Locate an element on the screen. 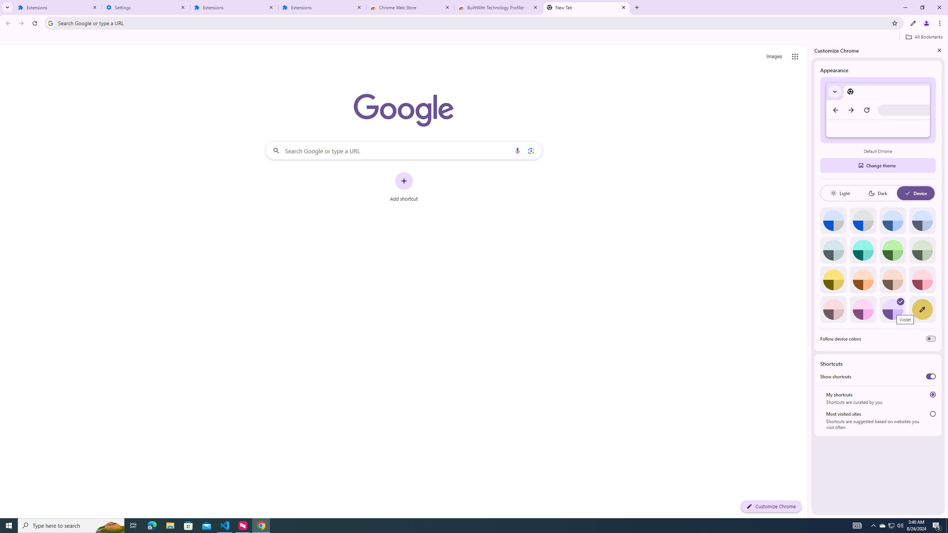 The height and width of the screenshot is (533, 948). 'Search Google or type a URL' is located at coordinates (403, 150).